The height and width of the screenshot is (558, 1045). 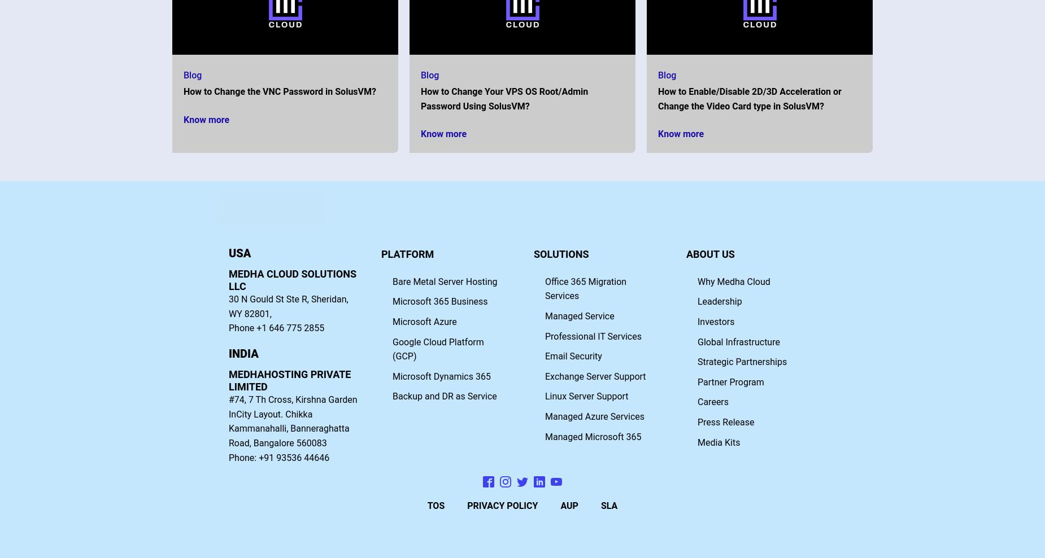 What do you see at coordinates (712, 401) in the screenshot?
I see `'Careers'` at bounding box center [712, 401].